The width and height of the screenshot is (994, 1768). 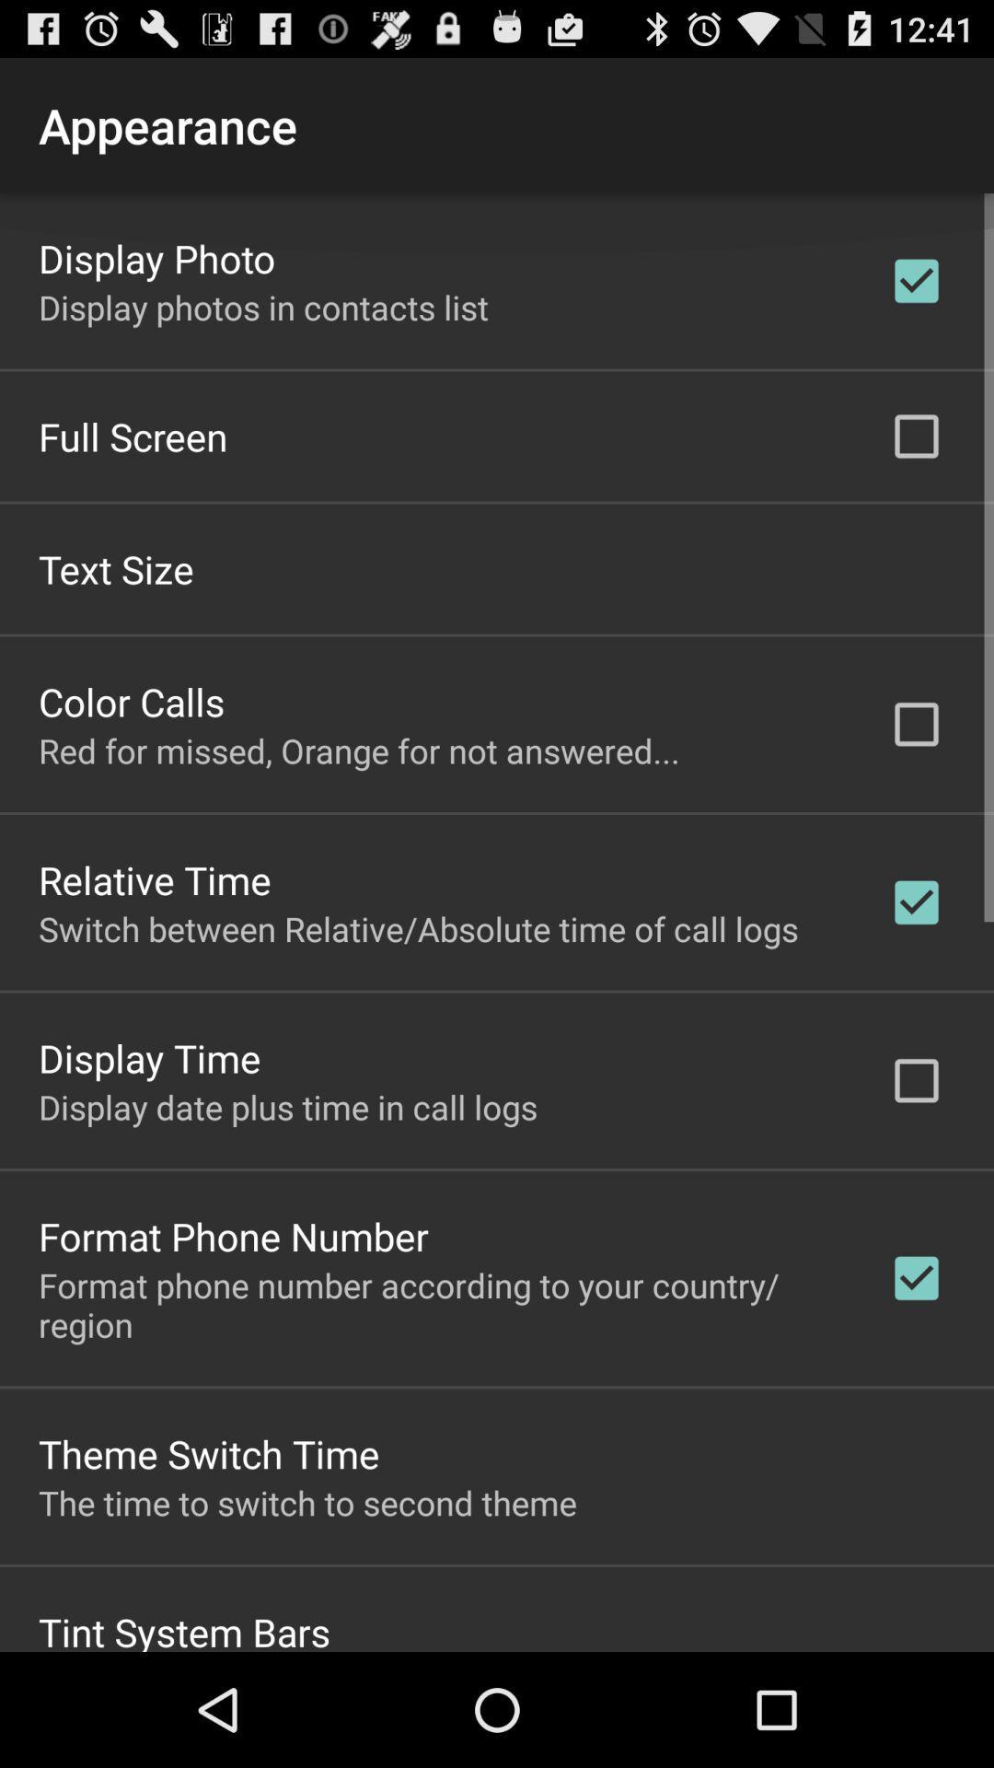 I want to click on the tint system bars app, so click(x=184, y=1628).